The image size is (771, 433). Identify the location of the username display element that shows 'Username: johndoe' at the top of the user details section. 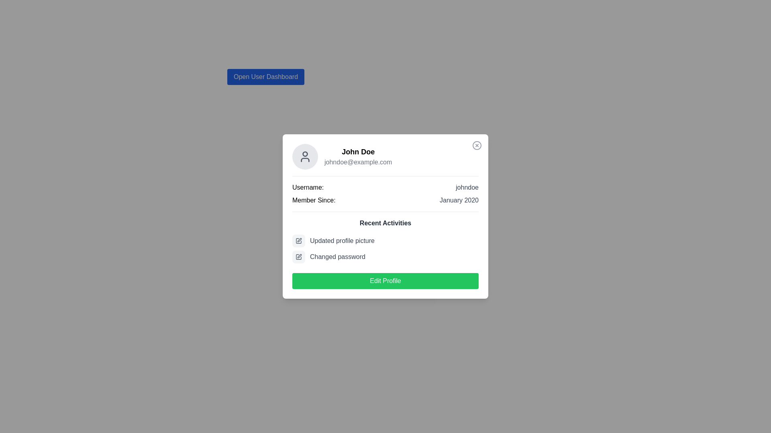
(385, 187).